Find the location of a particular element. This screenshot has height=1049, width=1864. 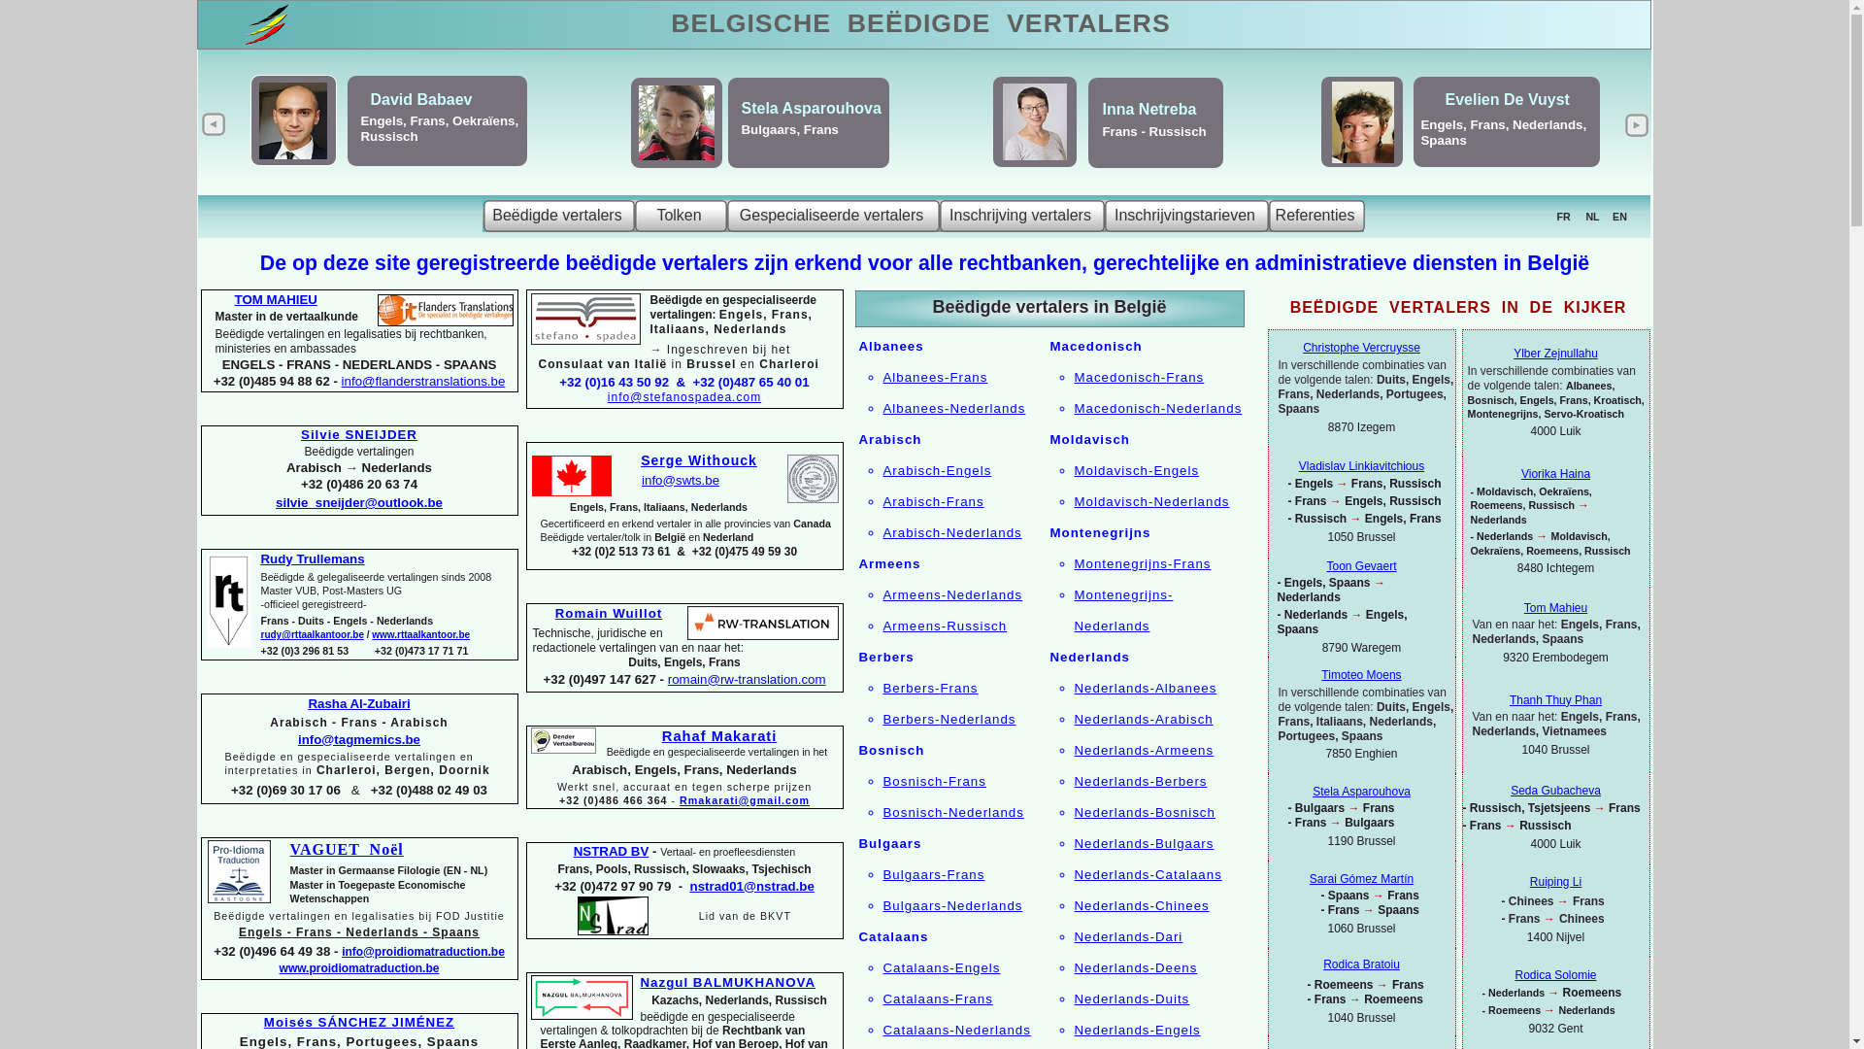

'Christophe Vercruysse' is located at coordinates (1360, 347).